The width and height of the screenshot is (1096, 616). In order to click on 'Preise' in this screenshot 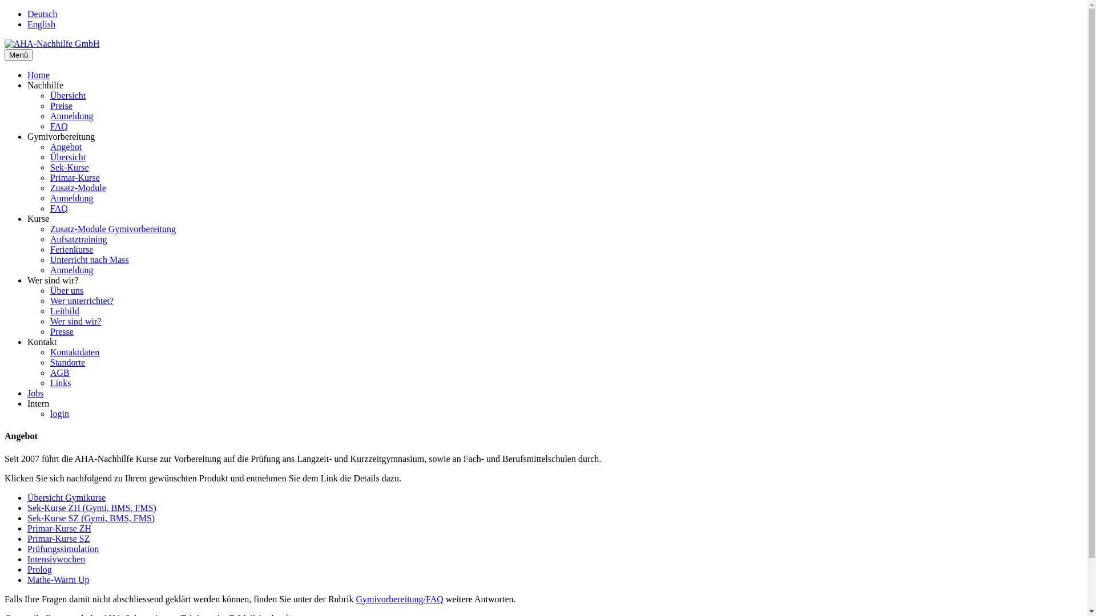, I will do `click(49, 106)`.